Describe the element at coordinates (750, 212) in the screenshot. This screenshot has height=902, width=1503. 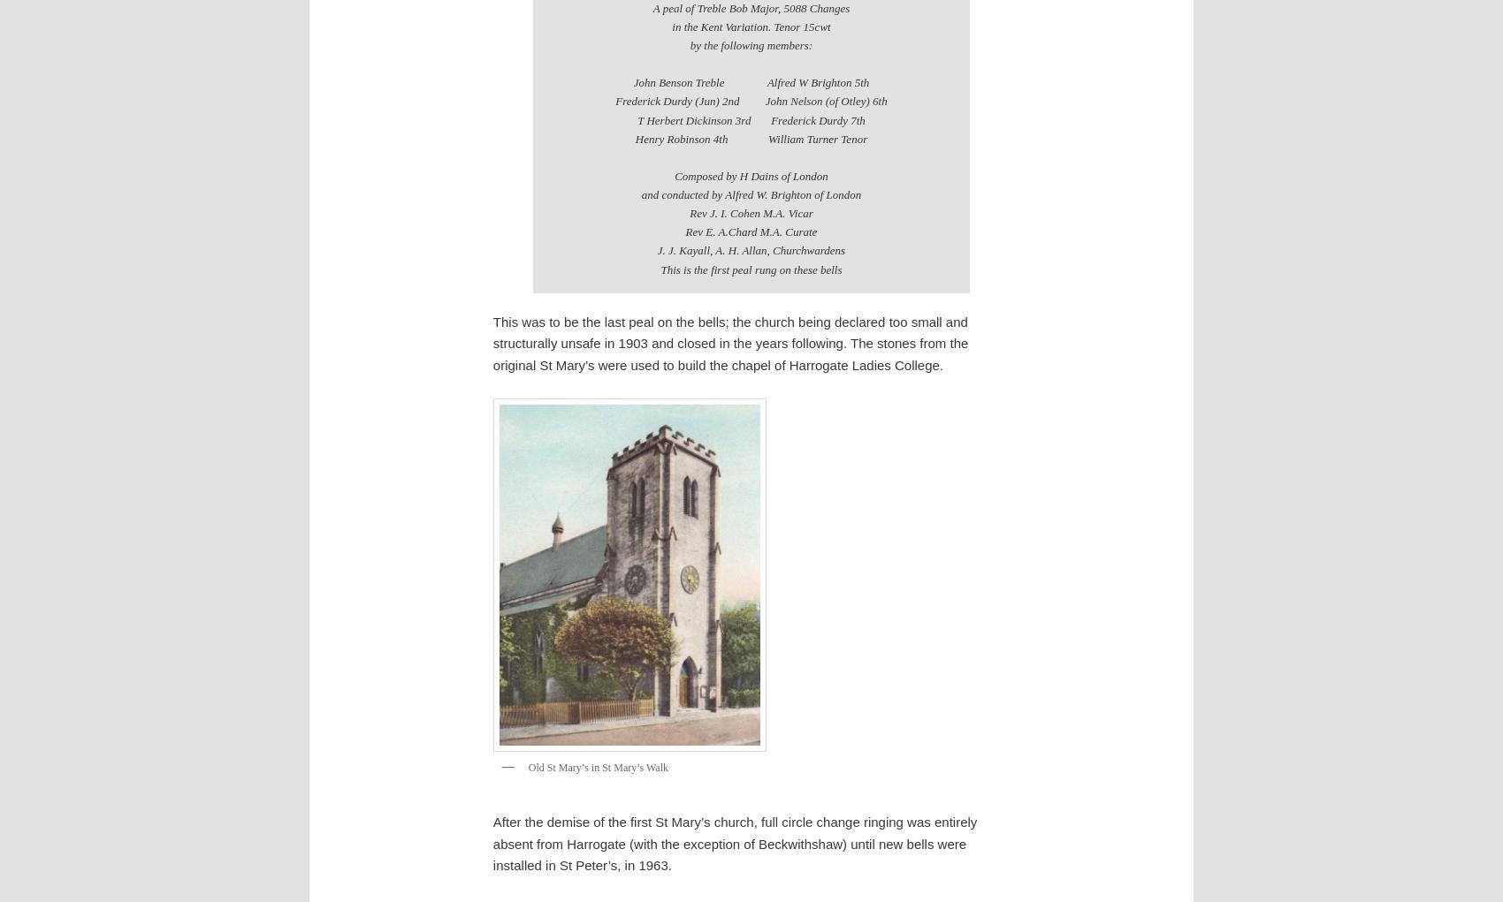
I see `'Rev J. I. Cohen M.A. Vicar'` at that location.